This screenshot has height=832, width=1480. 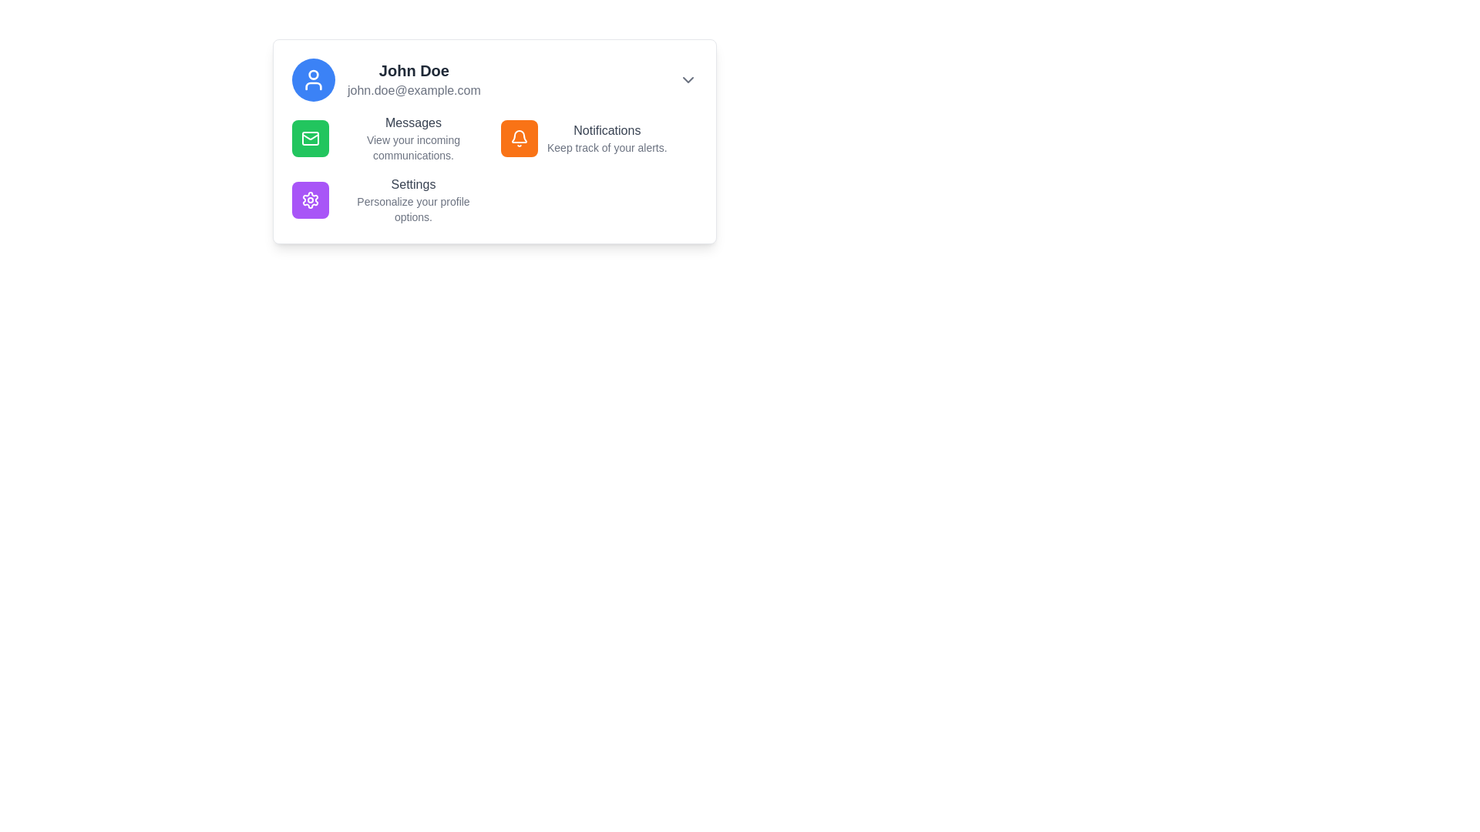 I want to click on the circular shape located within the user icon graphic at the top left corner of the user profile card, which is centered slightly above the text 'John Doe', so click(x=313, y=74).